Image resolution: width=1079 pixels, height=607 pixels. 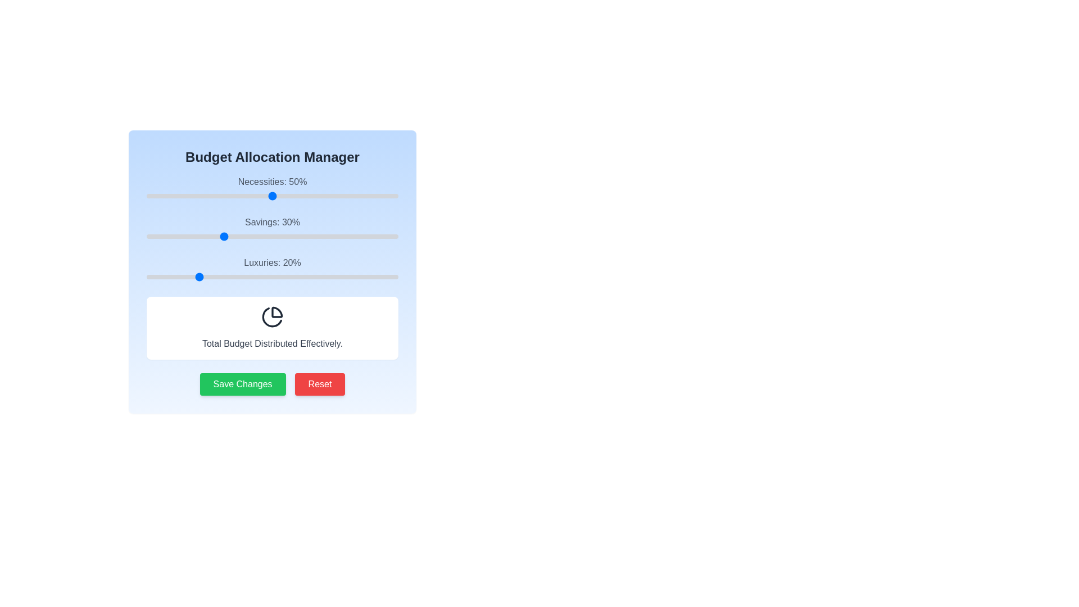 What do you see at coordinates (280, 195) in the screenshot?
I see `the 'necessities' slider` at bounding box center [280, 195].